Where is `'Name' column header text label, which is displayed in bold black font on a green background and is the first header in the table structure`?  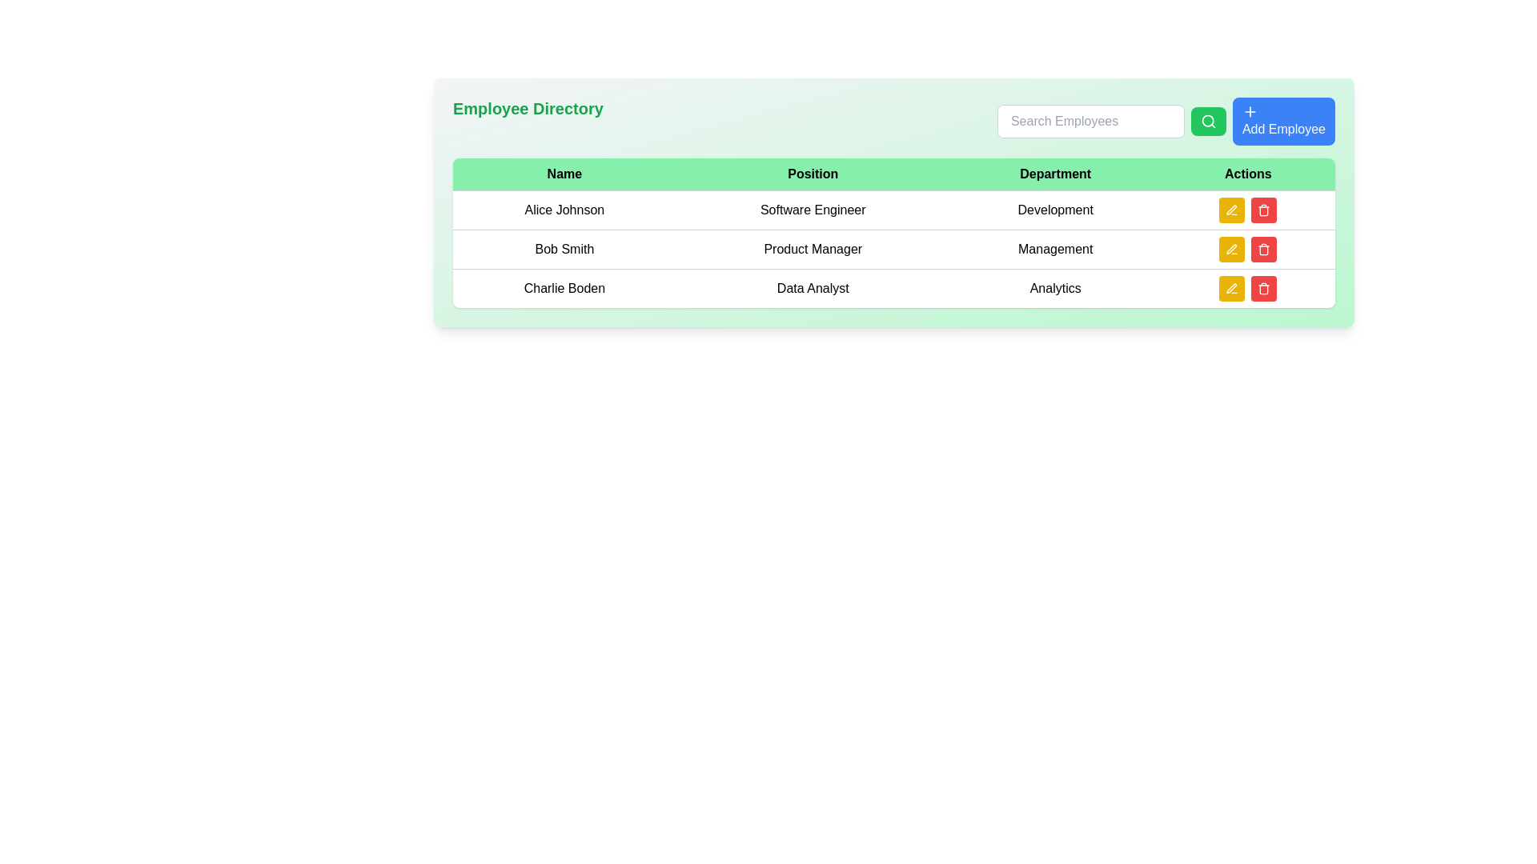
'Name' column header text label, which is displayed in bold black font on a green background and is the first header in the table structure is located at coordinates (564, 174).